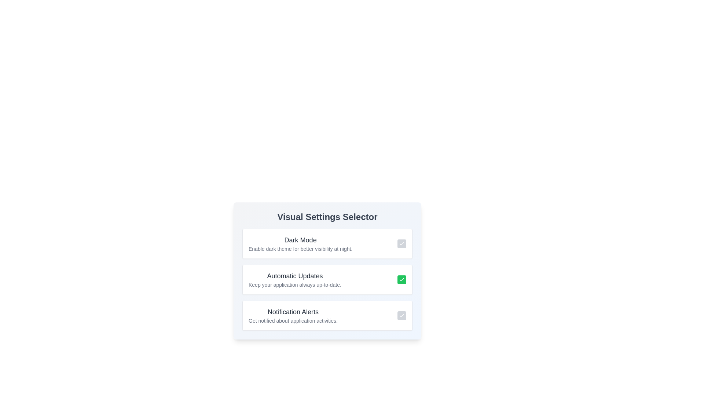 The height and width of the screenshot is (396, 704). What do you see at coordinates (401, 315) in the screenshot?
I see `the toggle button for activating or deactivating the Notification Alerts feature, located on the far-right side of the Notification Alerts section` at bounding box center [401, 315].